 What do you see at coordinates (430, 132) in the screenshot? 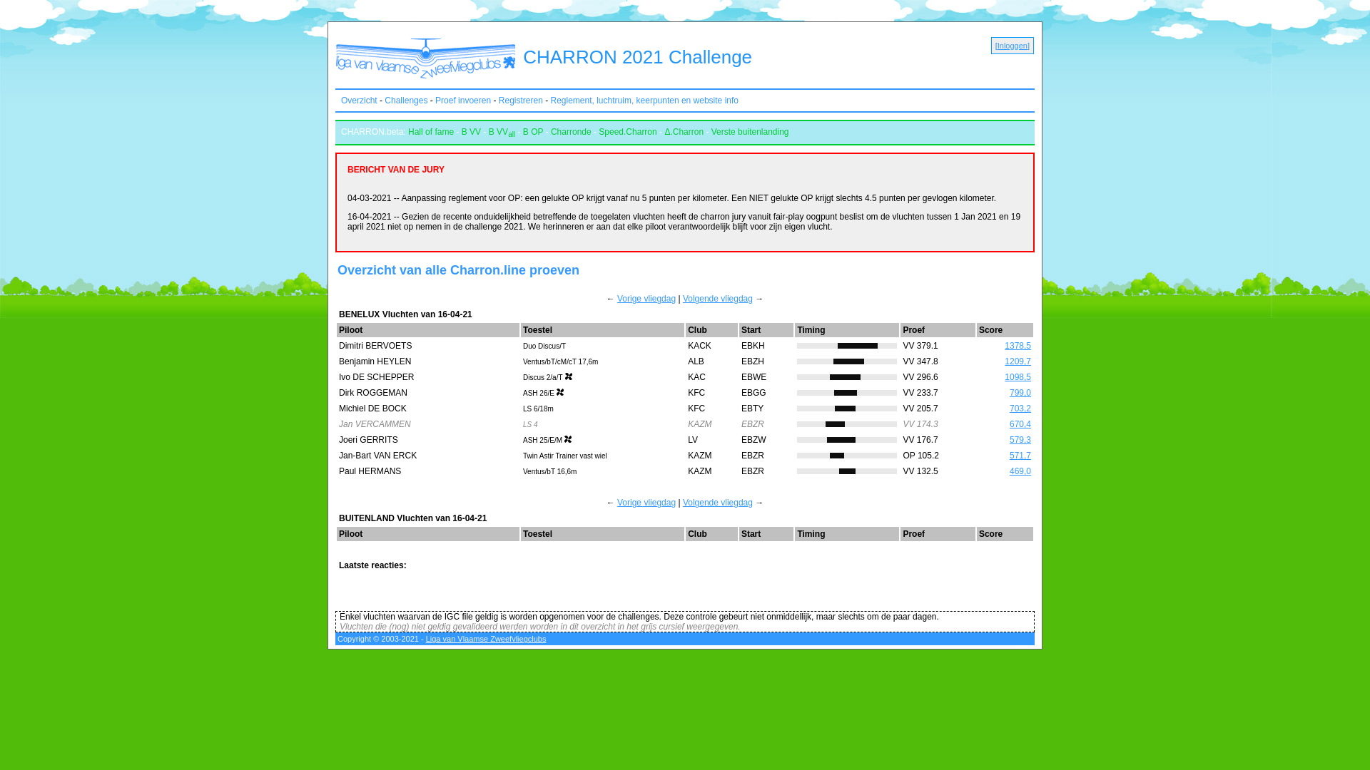
I see `'Hall of fame'` at bounding box center [430, 132].